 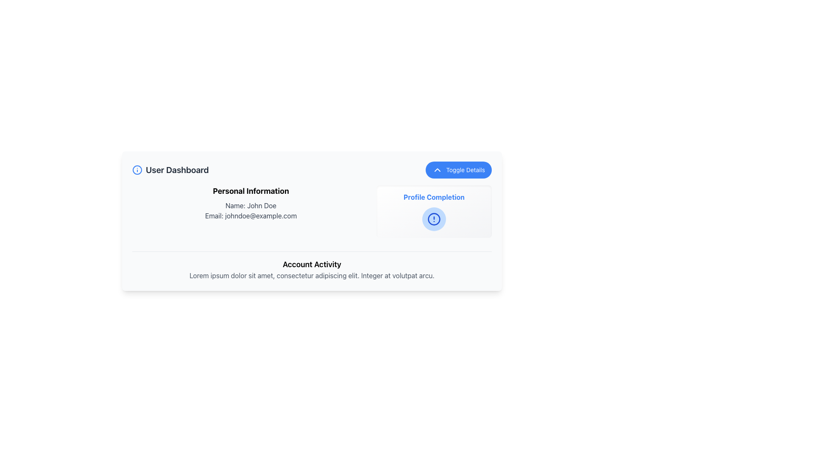 I want to click on the Decorative circle component within the SVG icon in the 'Profile Completion' section, which is styled in a blue theme and serves as an alert indicator, so click(x=434, y=218).